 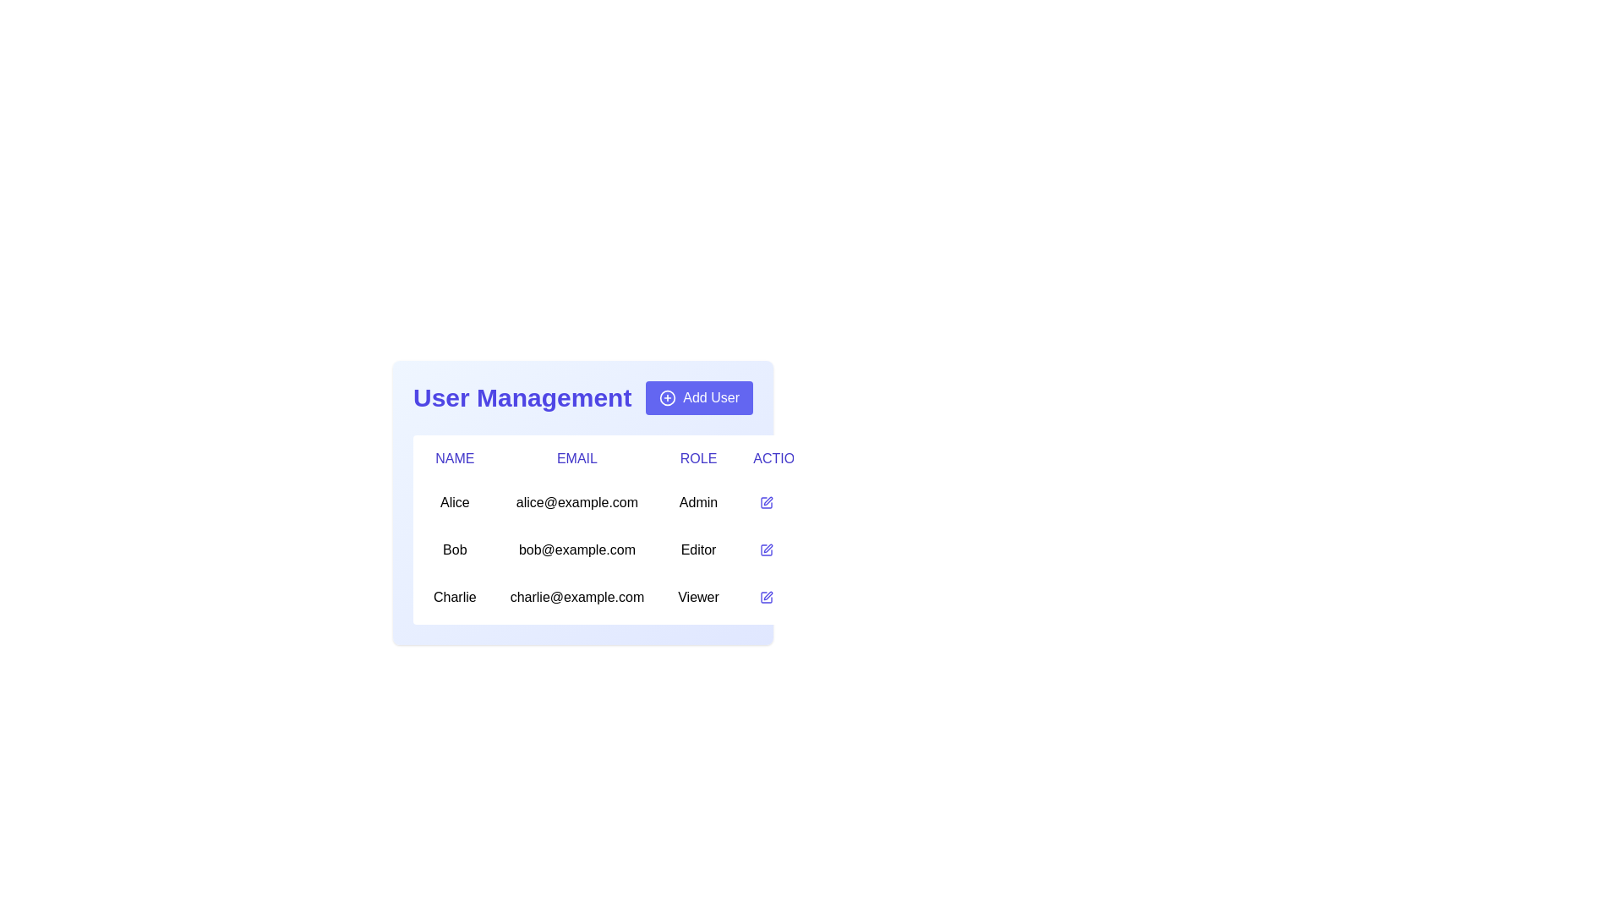 What do you see at coordinates (765, 550) in the screenshot?
I see `the Icon button in the 'Action' column for the row corresponding to 'Bob' to initiate the row edit functionality` at bounding box center [765, 550].